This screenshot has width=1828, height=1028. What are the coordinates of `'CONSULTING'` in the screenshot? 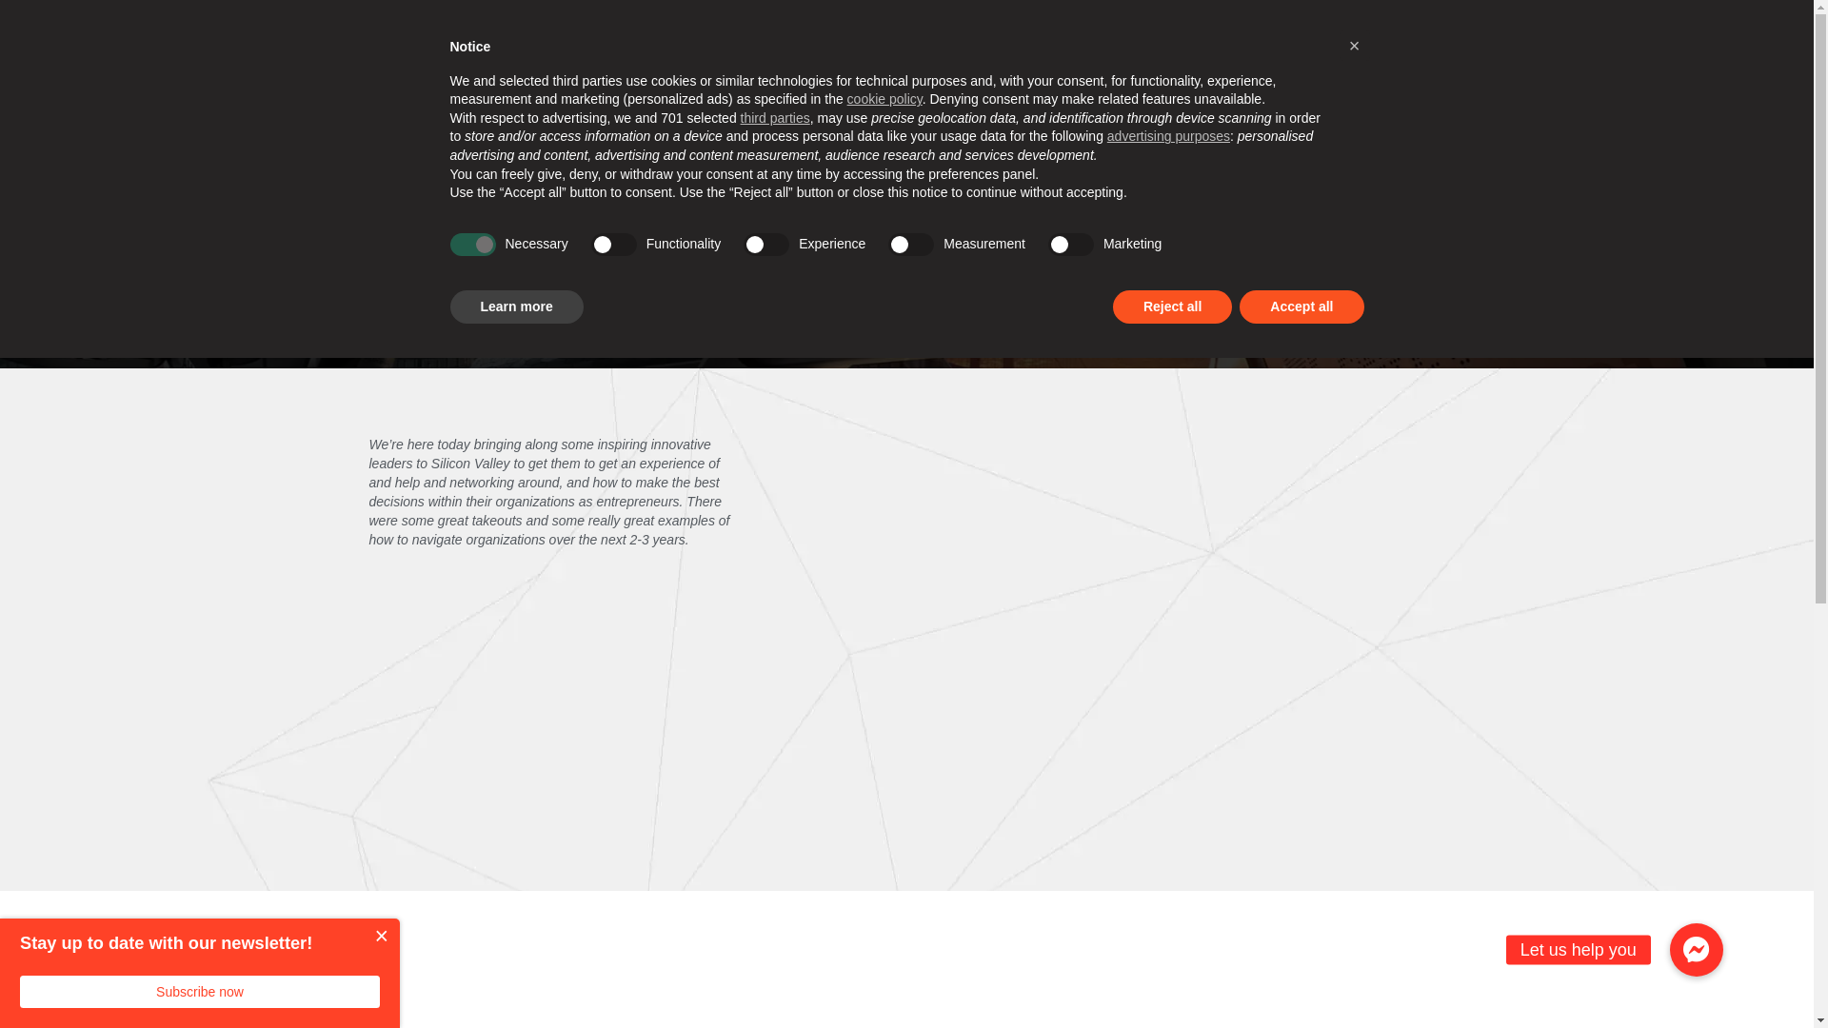 It's located at (793, 109).